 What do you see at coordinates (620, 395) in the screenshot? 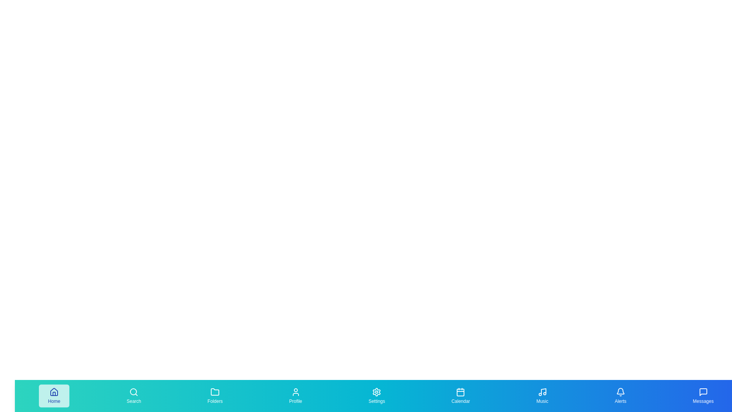
I see `the 'Alerts' tab to activate it` at bounding box center [620, 395].